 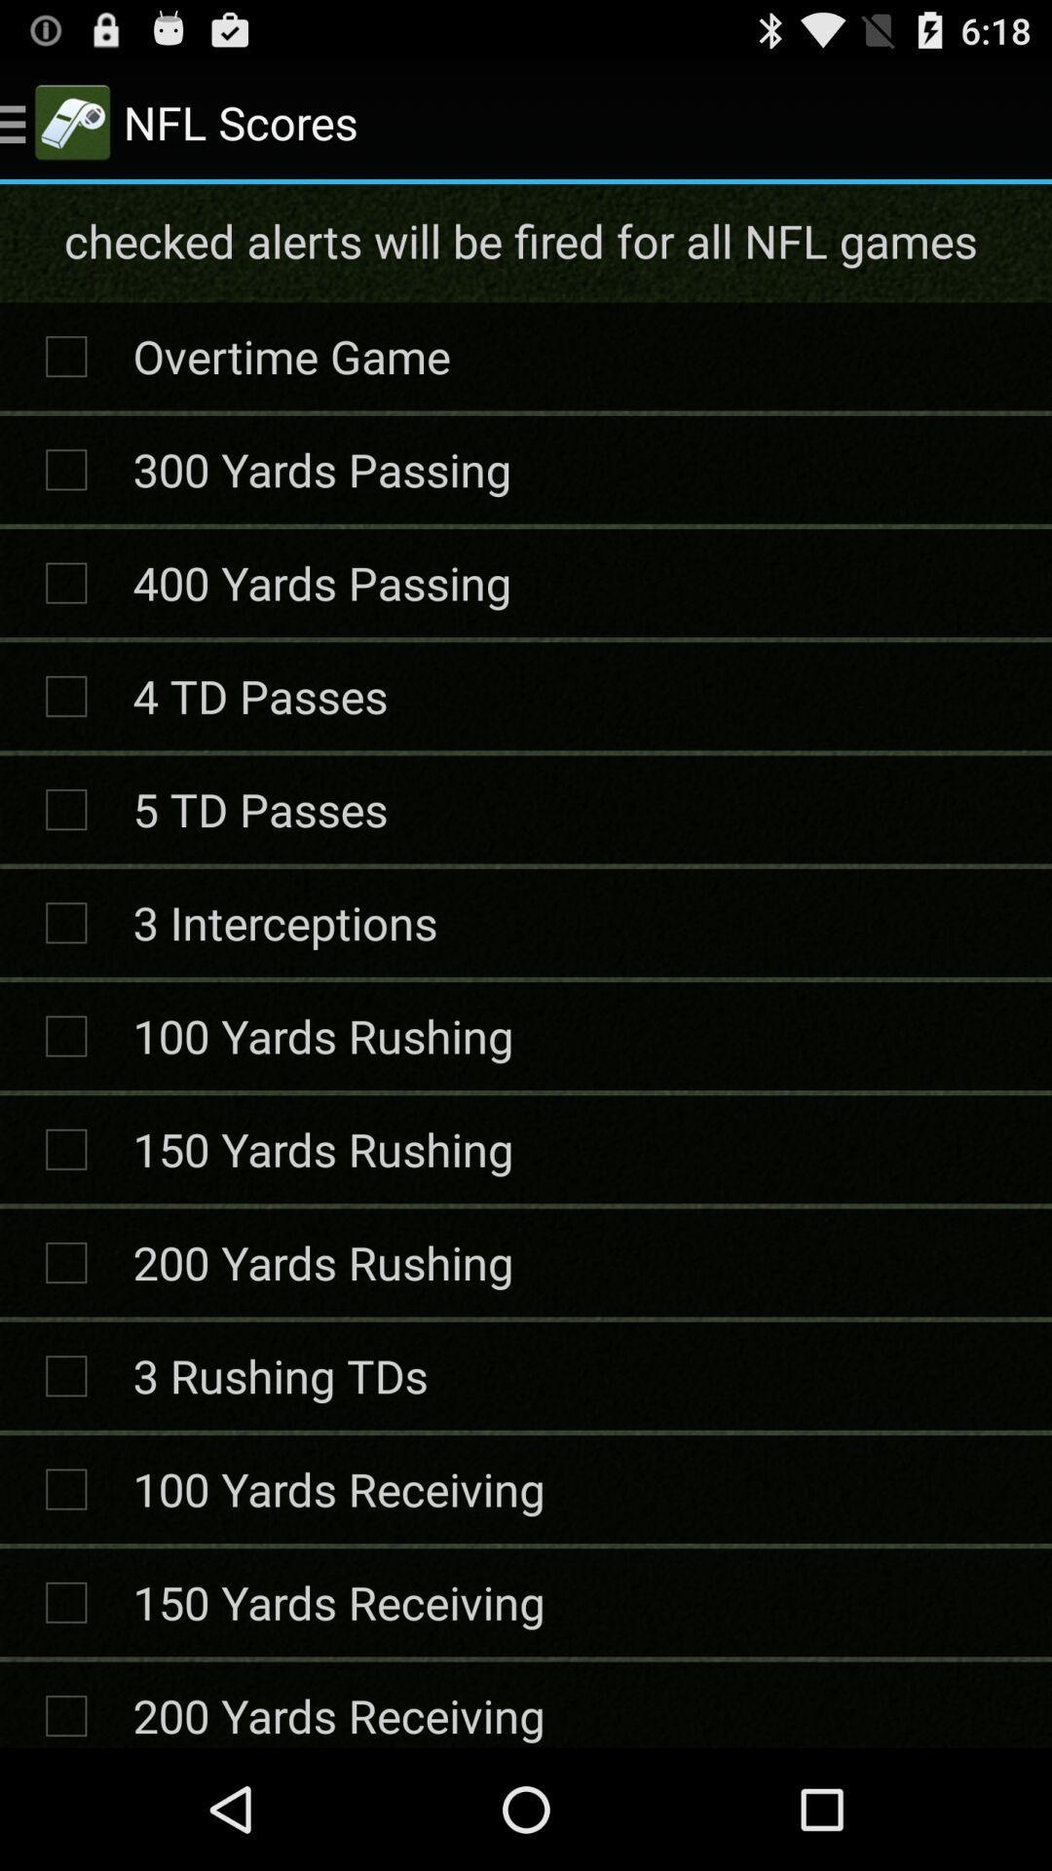 I want to click on the icon above the 300 yards passing item, so click(x=291, y=356).